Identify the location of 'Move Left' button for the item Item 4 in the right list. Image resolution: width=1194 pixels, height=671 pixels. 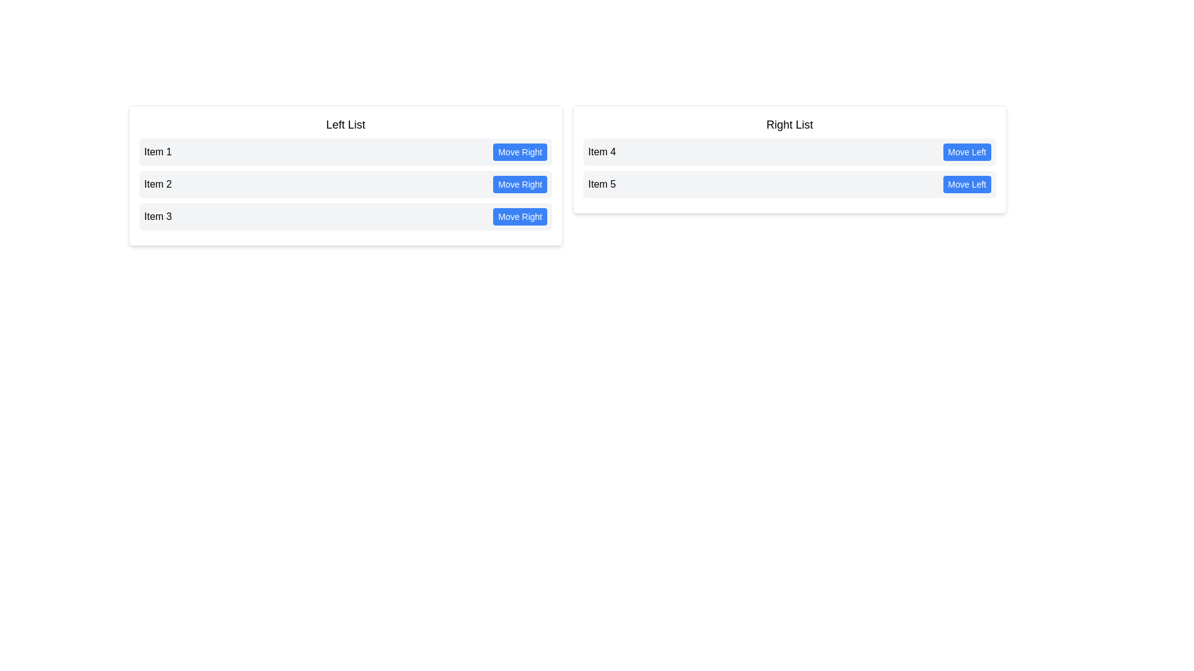
(966, 152).